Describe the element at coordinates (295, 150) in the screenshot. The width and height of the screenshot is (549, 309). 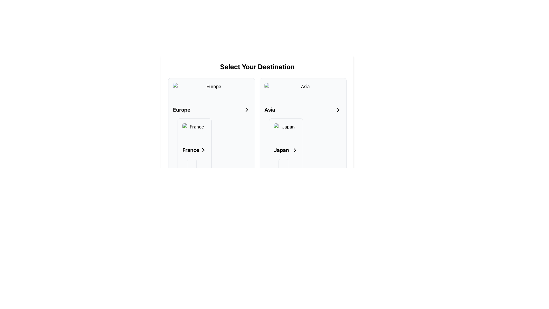
I see `the right-pointing chevron icon located to the immediate right of the text label 'Japan' in the selectable item layout` at that location.